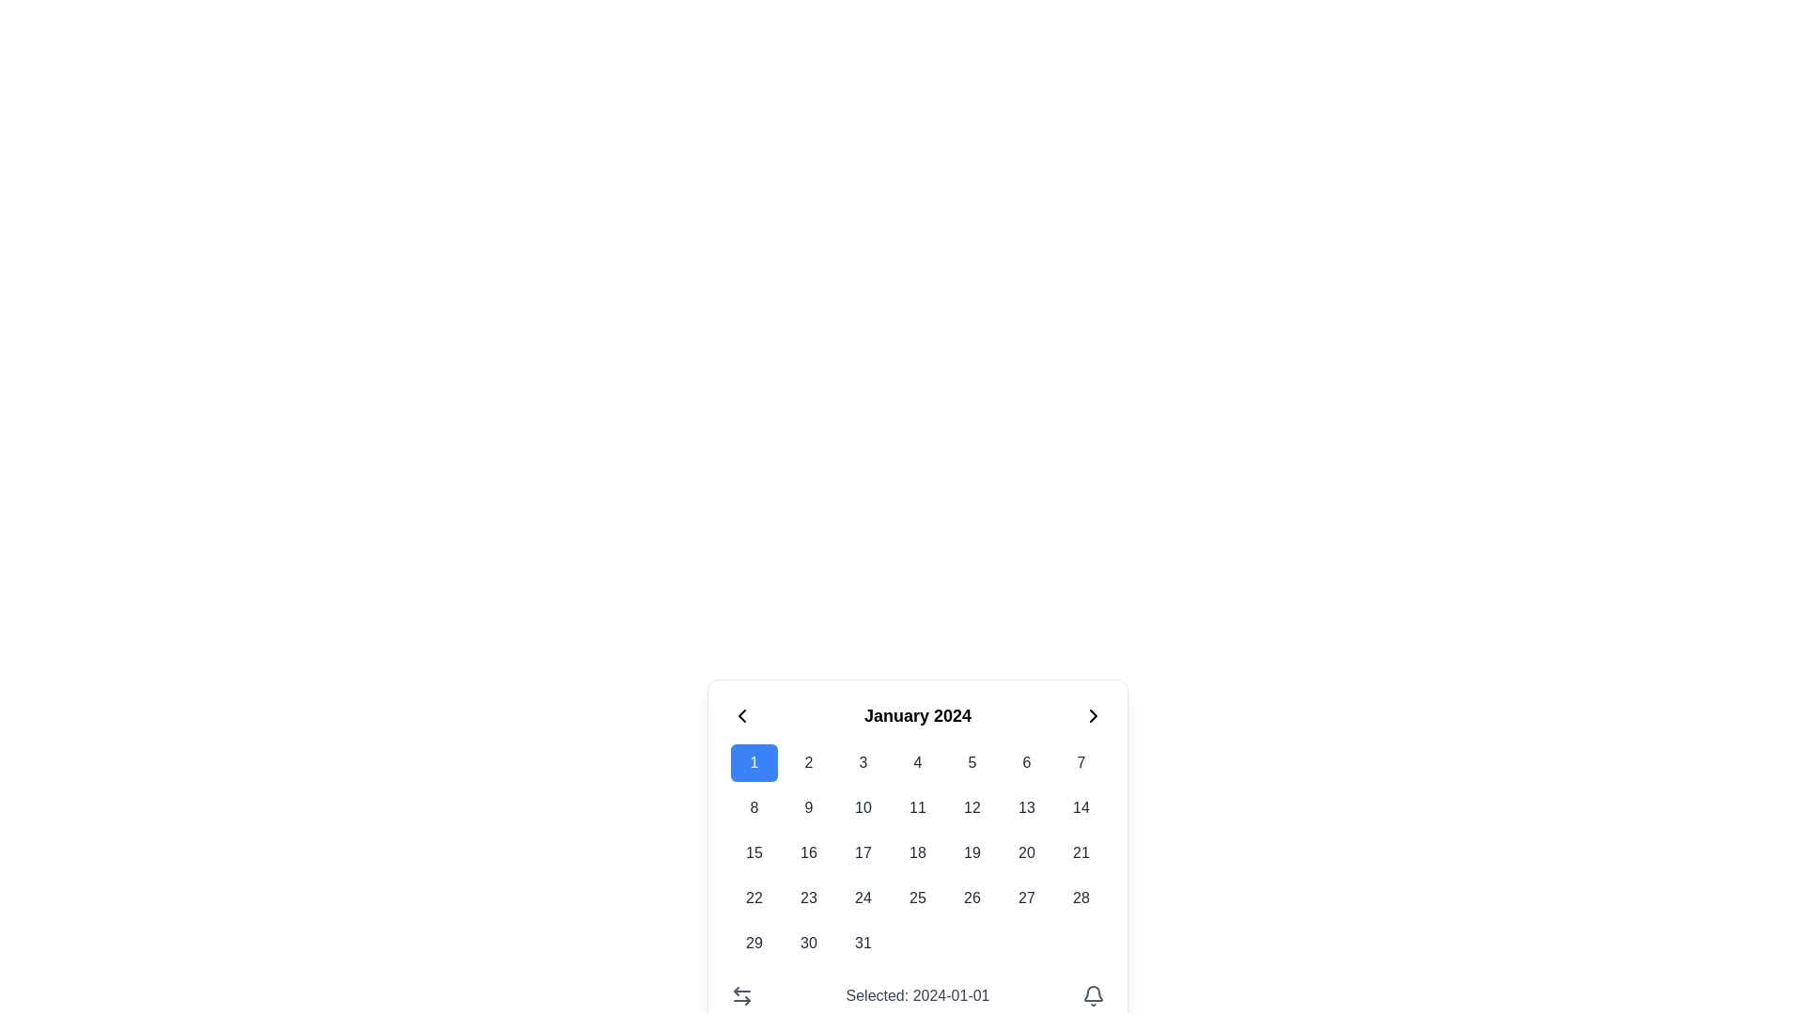  Describe the element at coordinates (1081, 763) in the screenshot. I see `the button labeled '7' which is a rectangular button with a rounded border located in the top row of a calendar grid` at that location.